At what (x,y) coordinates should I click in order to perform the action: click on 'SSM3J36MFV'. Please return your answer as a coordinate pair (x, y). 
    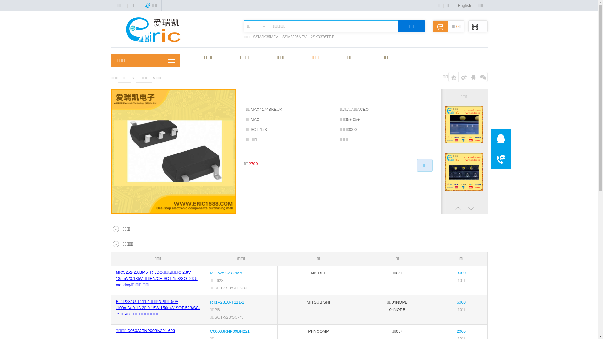
    Looking at the image, I should click on (294, 37).